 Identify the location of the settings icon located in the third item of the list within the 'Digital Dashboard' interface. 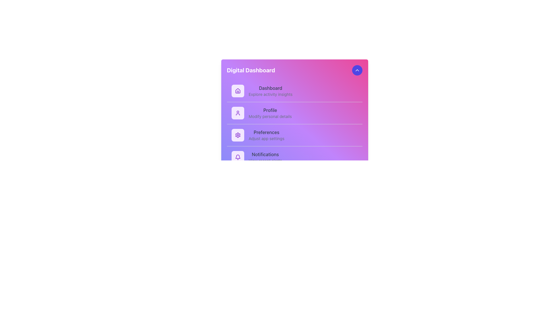
(238, 135).